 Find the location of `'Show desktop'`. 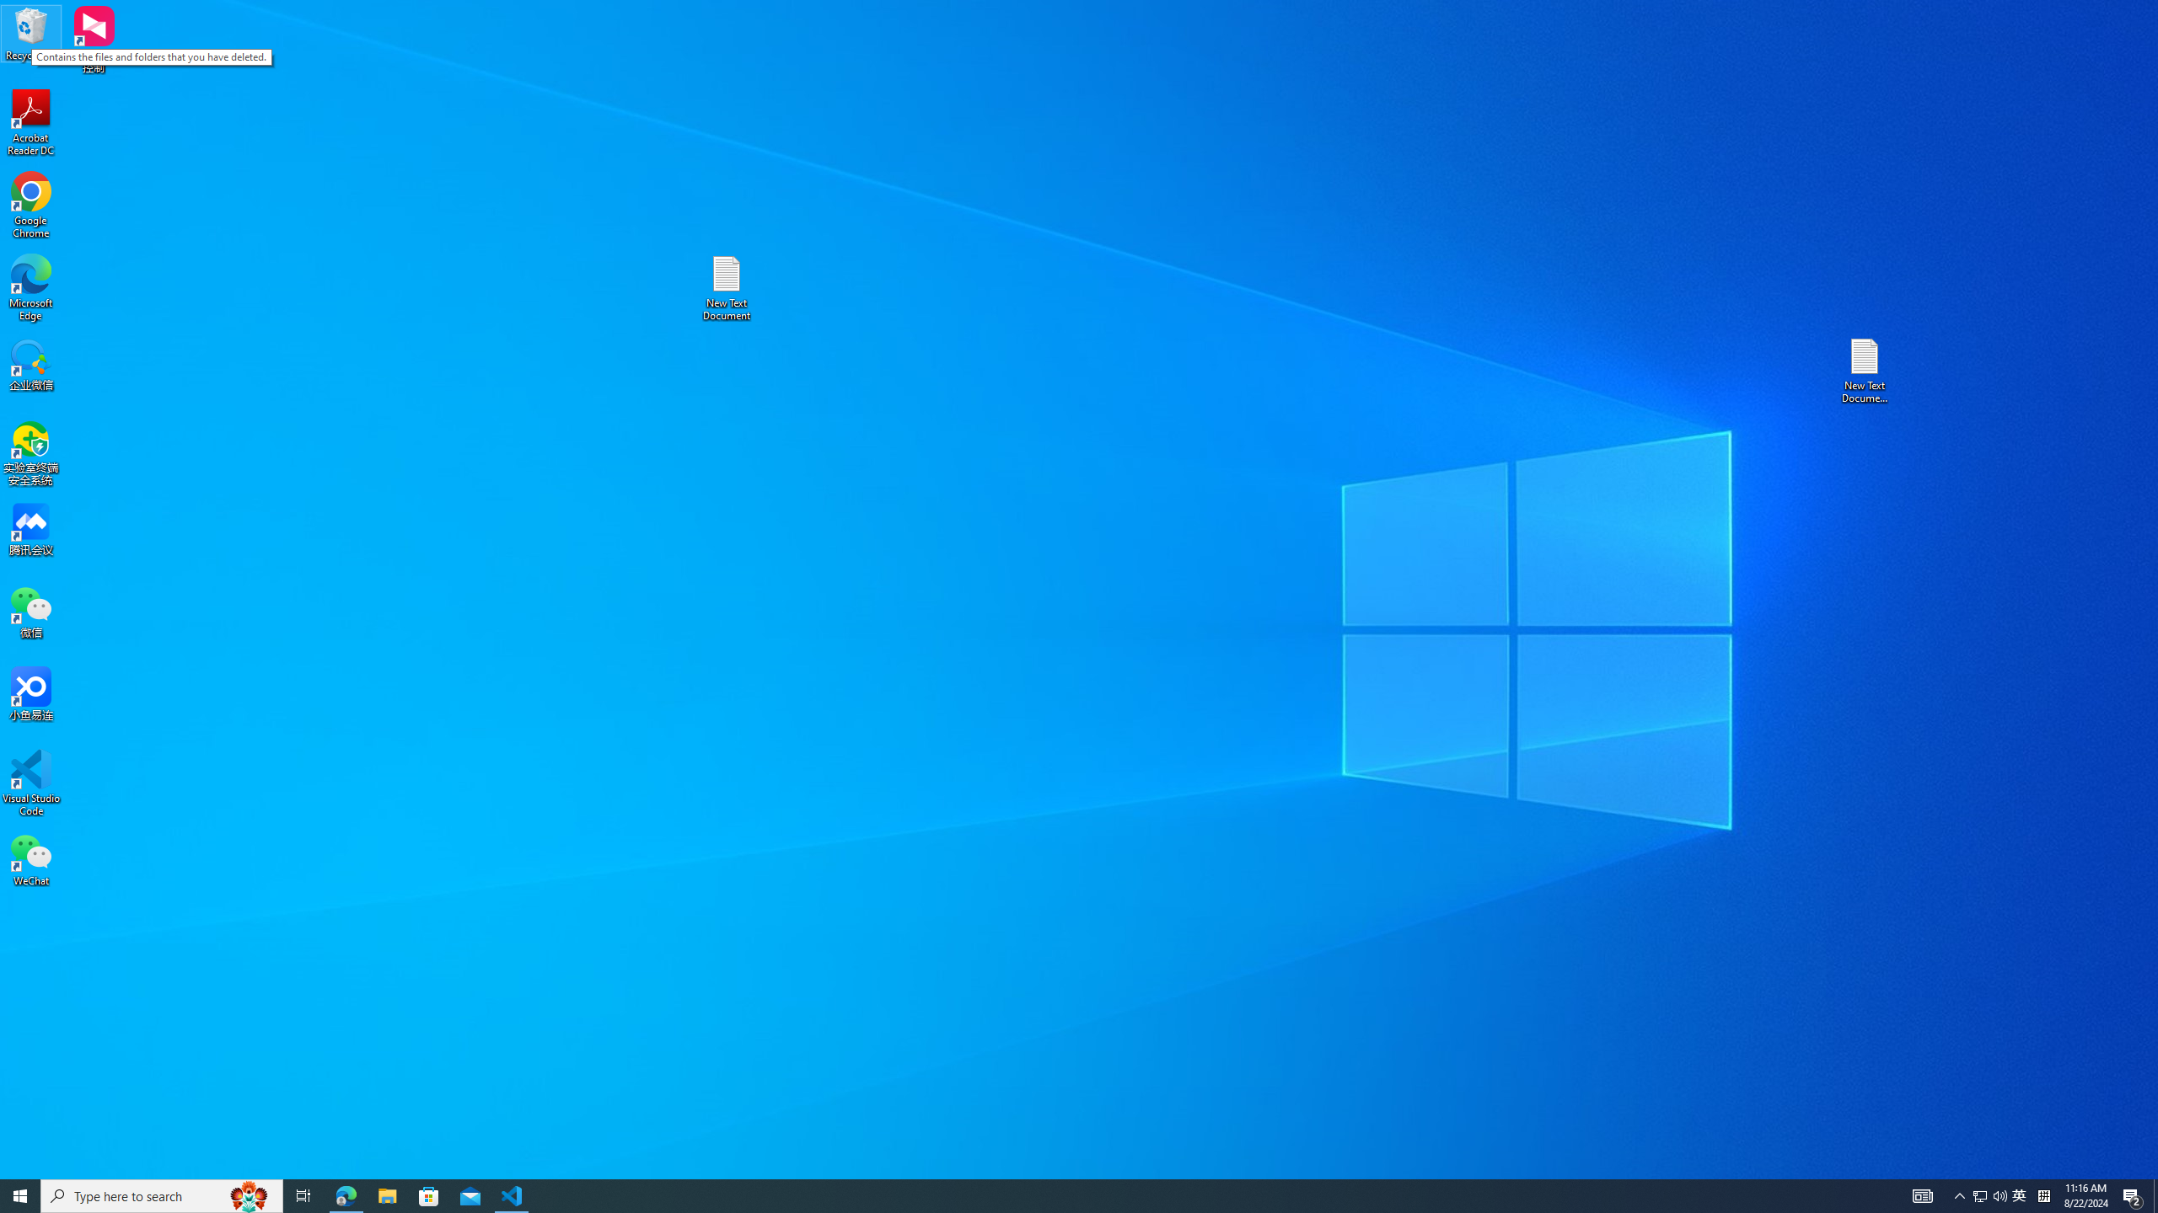

'Show desktop' is located at coordinates (2155, 1194).